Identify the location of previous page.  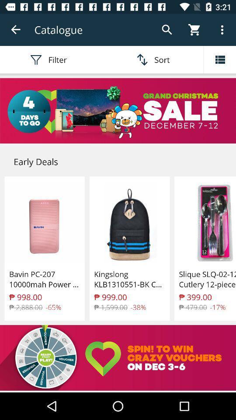
(16, 30).